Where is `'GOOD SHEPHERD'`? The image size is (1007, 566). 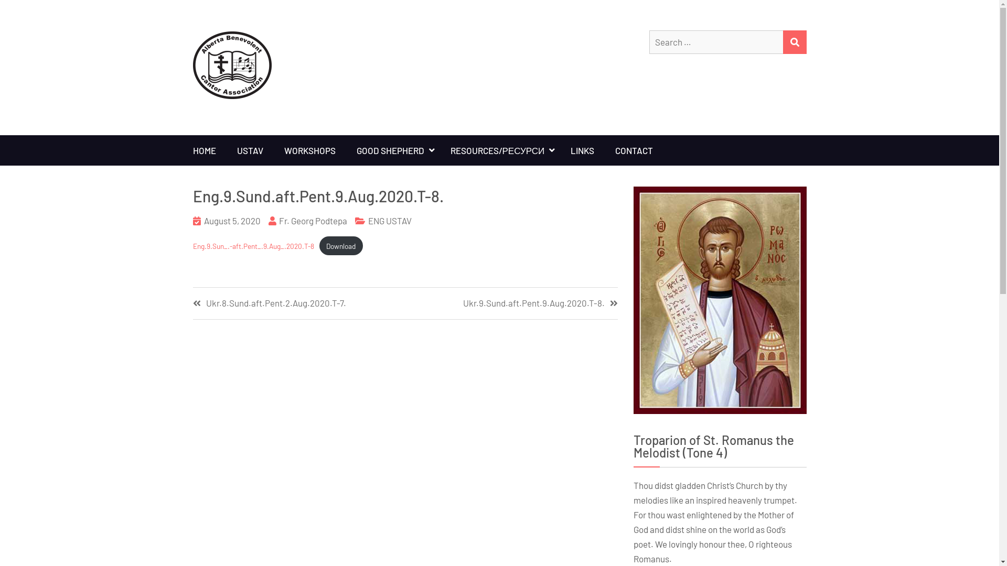
'GOOD SHEPHERD' is located at coordinates (392, 150).